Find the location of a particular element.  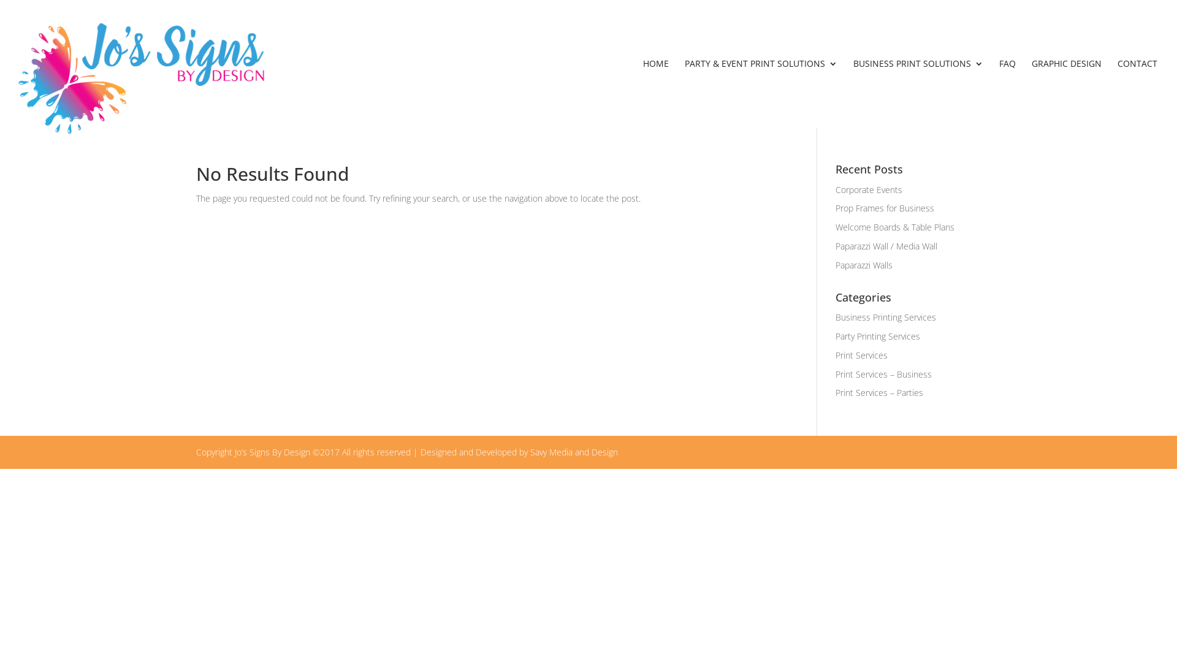

'BUSINESS PRINT SOLUTIONS' is located at coordinates (918, 93).